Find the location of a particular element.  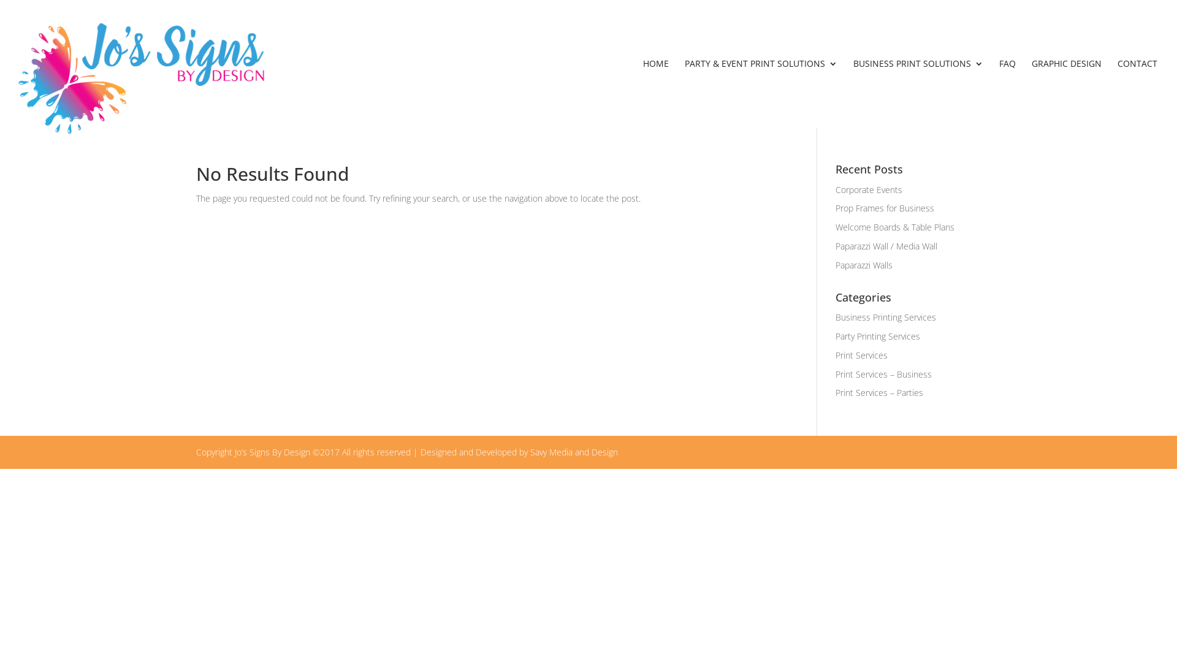

'BUSINESS PRINT SOLUTIONS' is located at coordinates (918, 93).